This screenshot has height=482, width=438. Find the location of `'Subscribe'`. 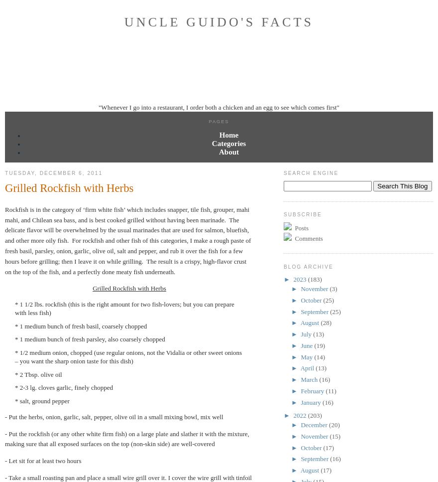

'Subscribe' is located at coordinates (283, 214).